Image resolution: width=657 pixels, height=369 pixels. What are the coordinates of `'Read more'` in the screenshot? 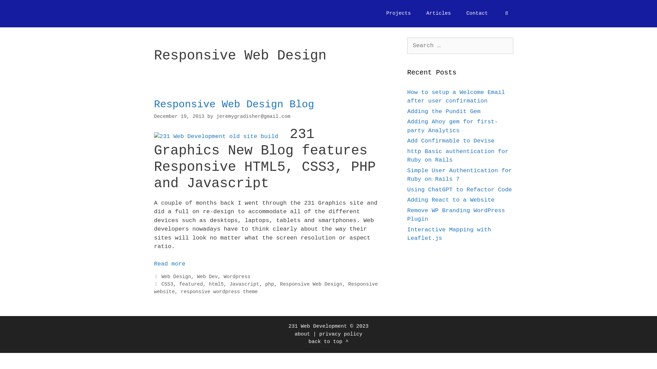 It's located at (169, 263).